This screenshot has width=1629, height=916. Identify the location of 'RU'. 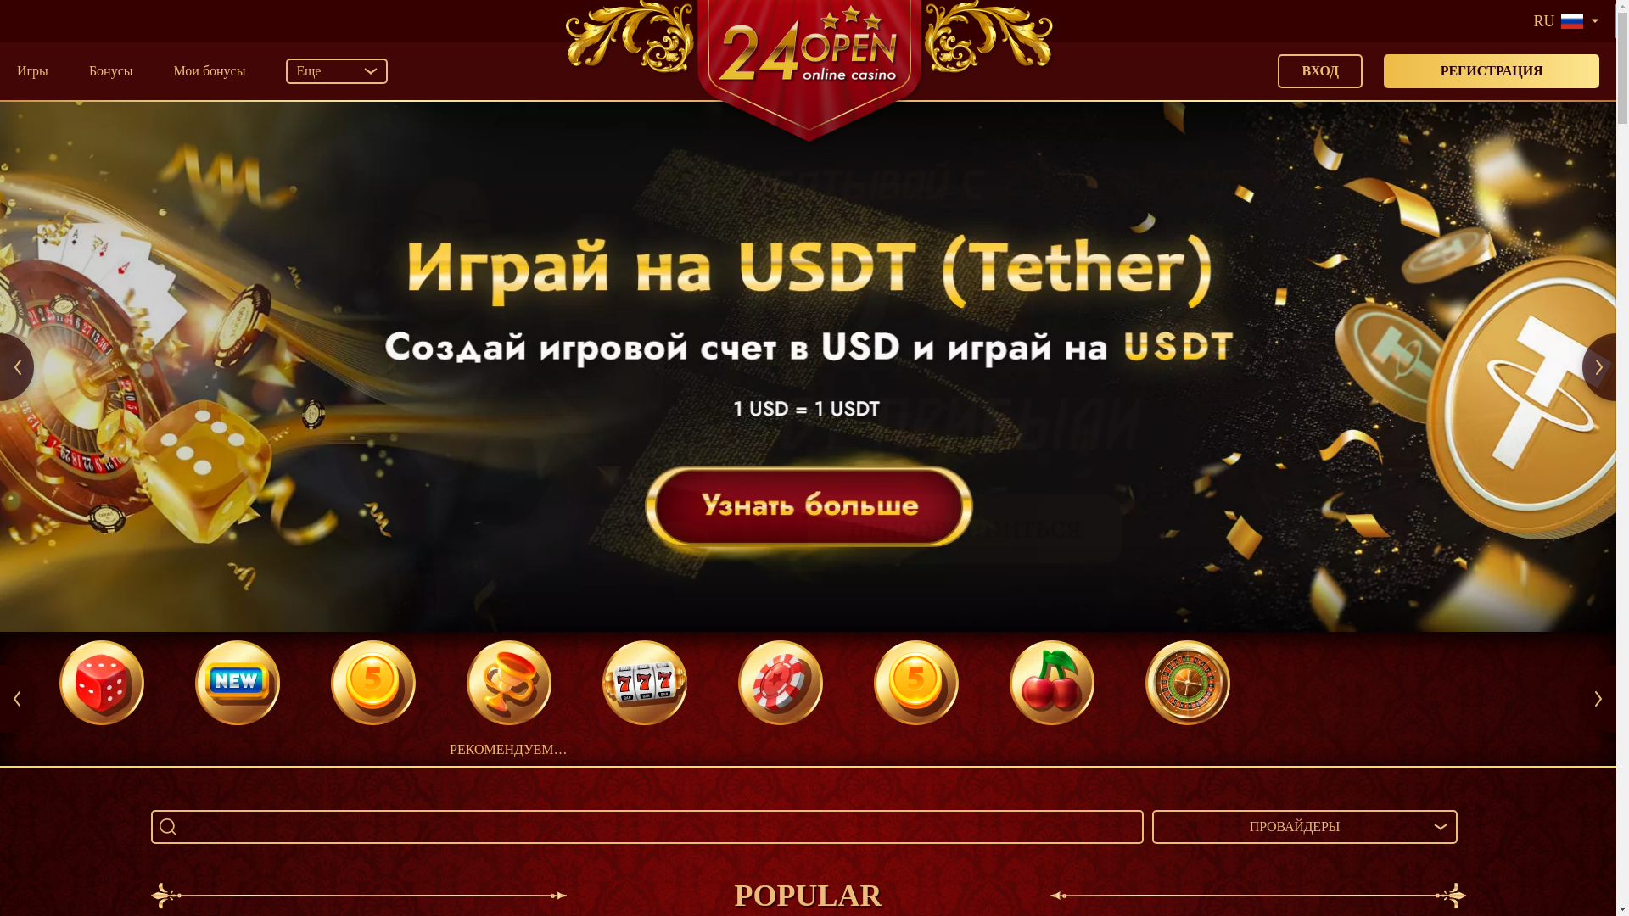
(1564, 20).